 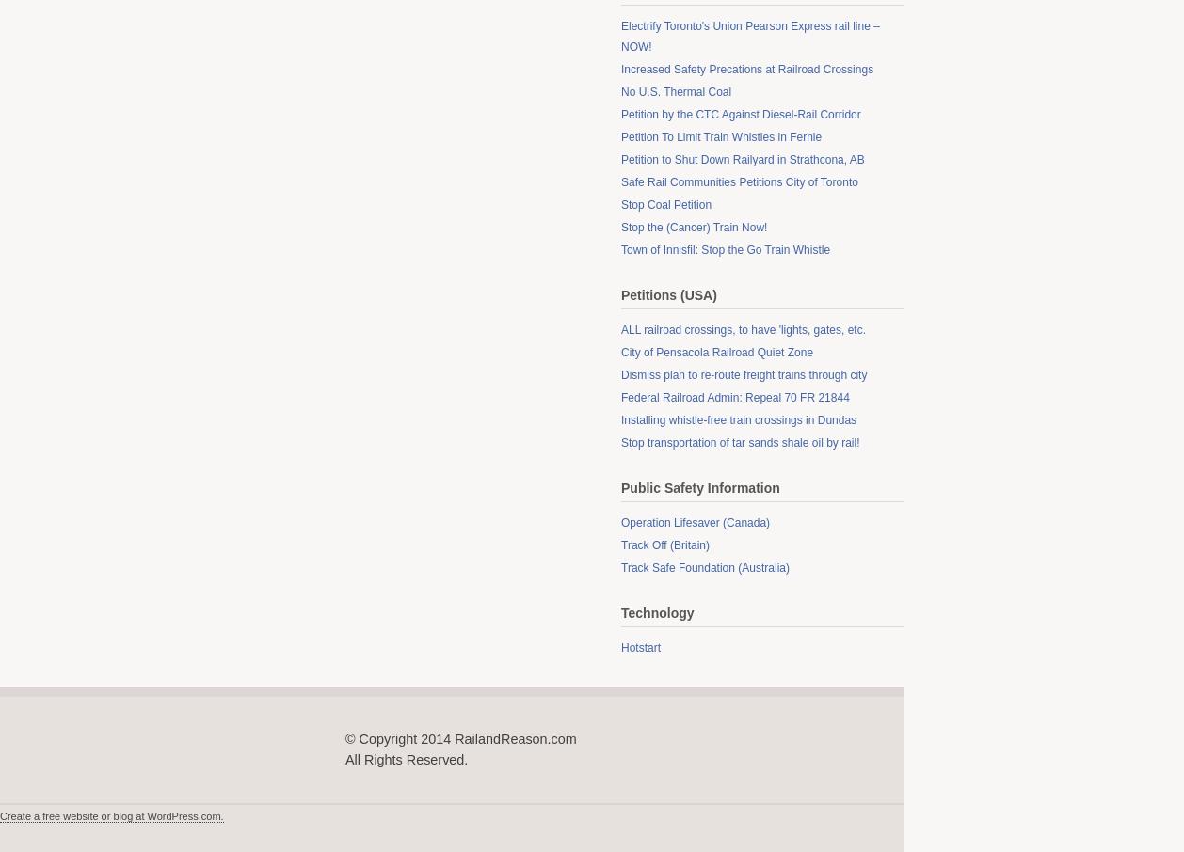 What do you see at coordinates (743, 159) in the screenshot?
I see `'Petition to Shut Down Railyard in Strathcona, AB'` at bounding box center [743, 159].